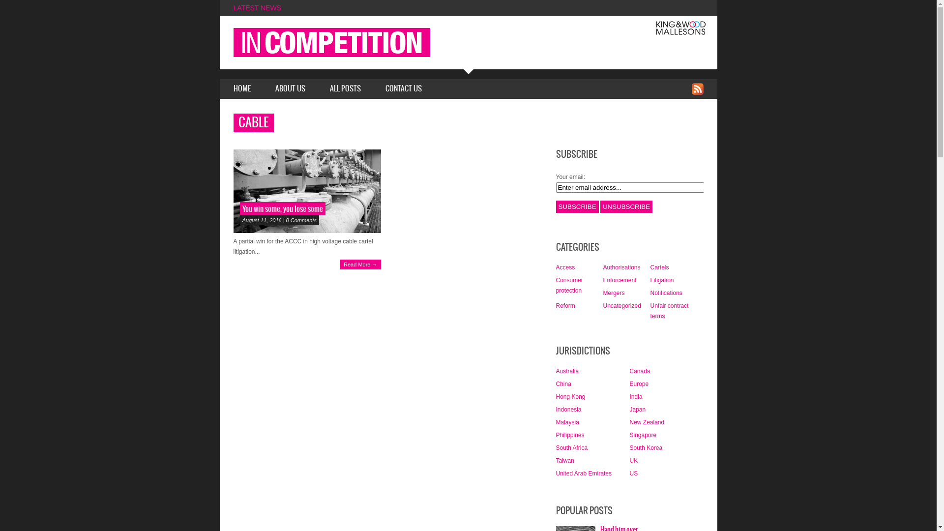  I want to click on 'US', so click(633, 473).